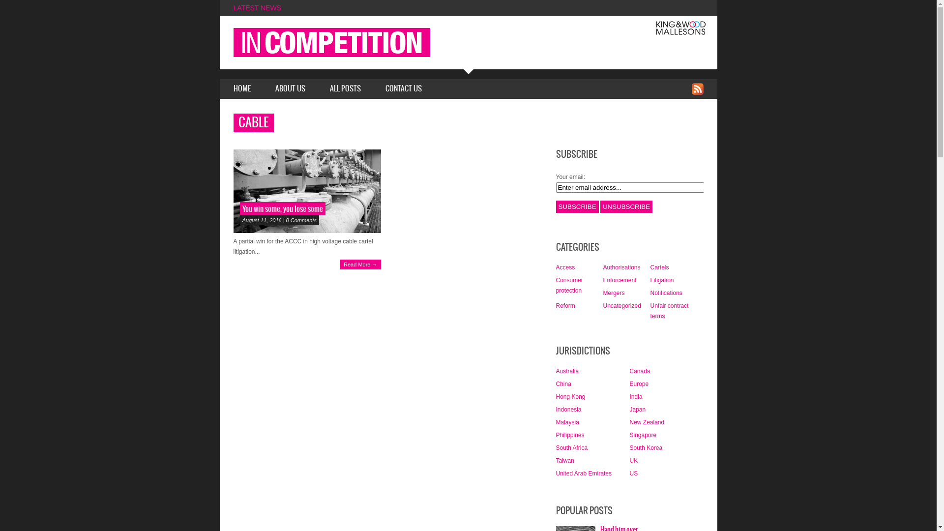  I want to click on 'US', so click(633, 473).